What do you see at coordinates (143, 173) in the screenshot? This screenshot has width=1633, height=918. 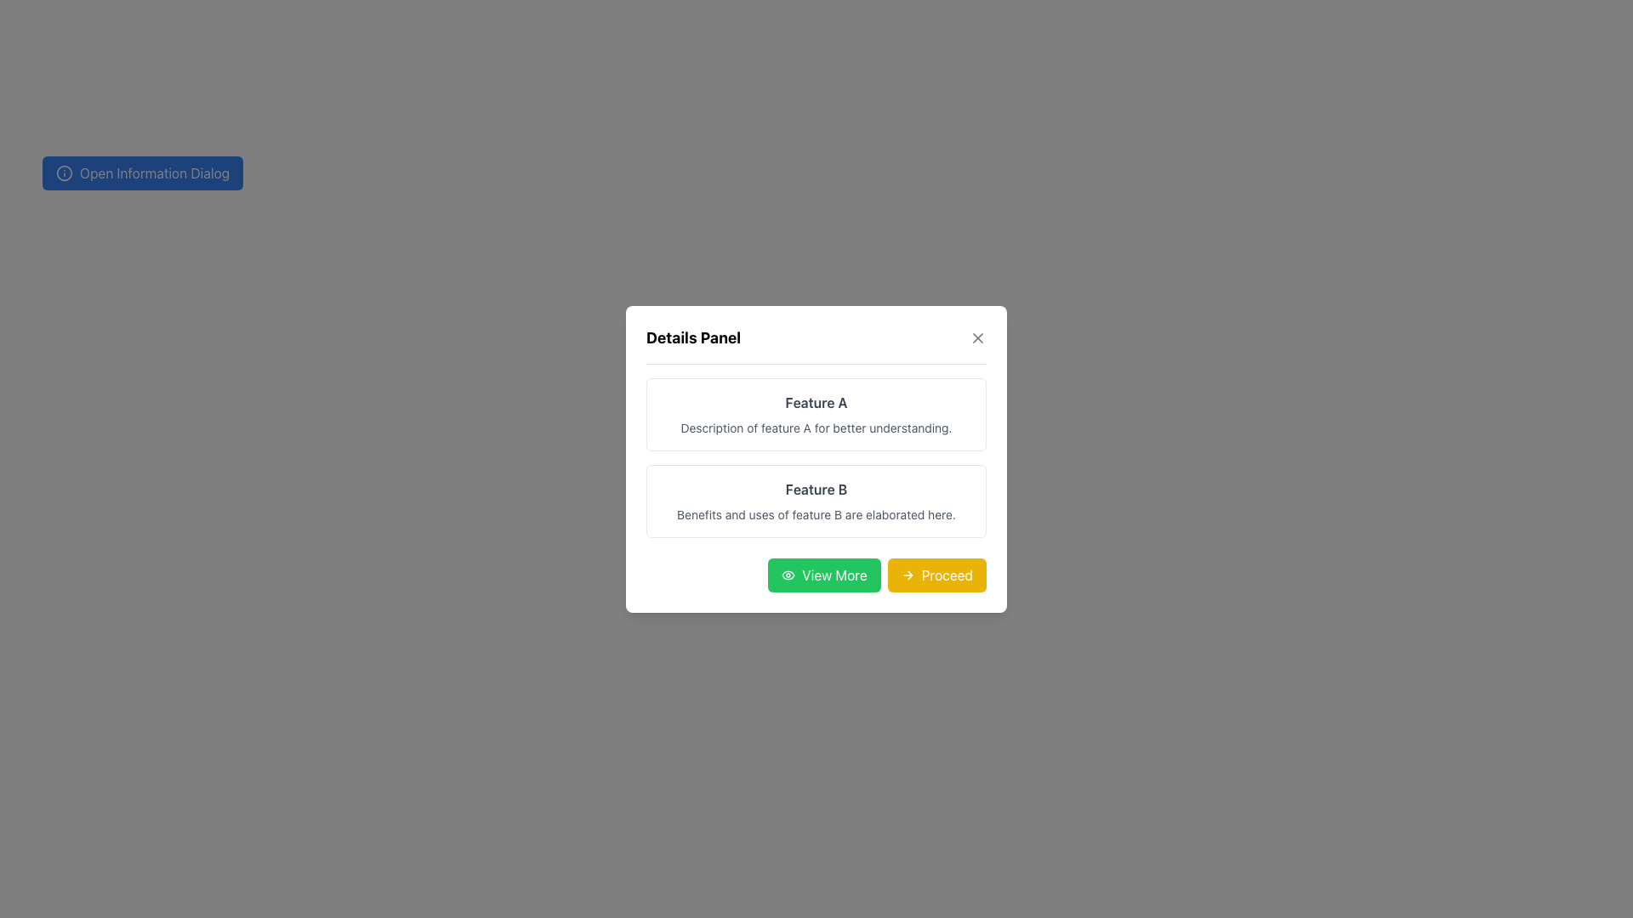 I see `the button located at the top-left of the interface` at bounding box center [143, 173].